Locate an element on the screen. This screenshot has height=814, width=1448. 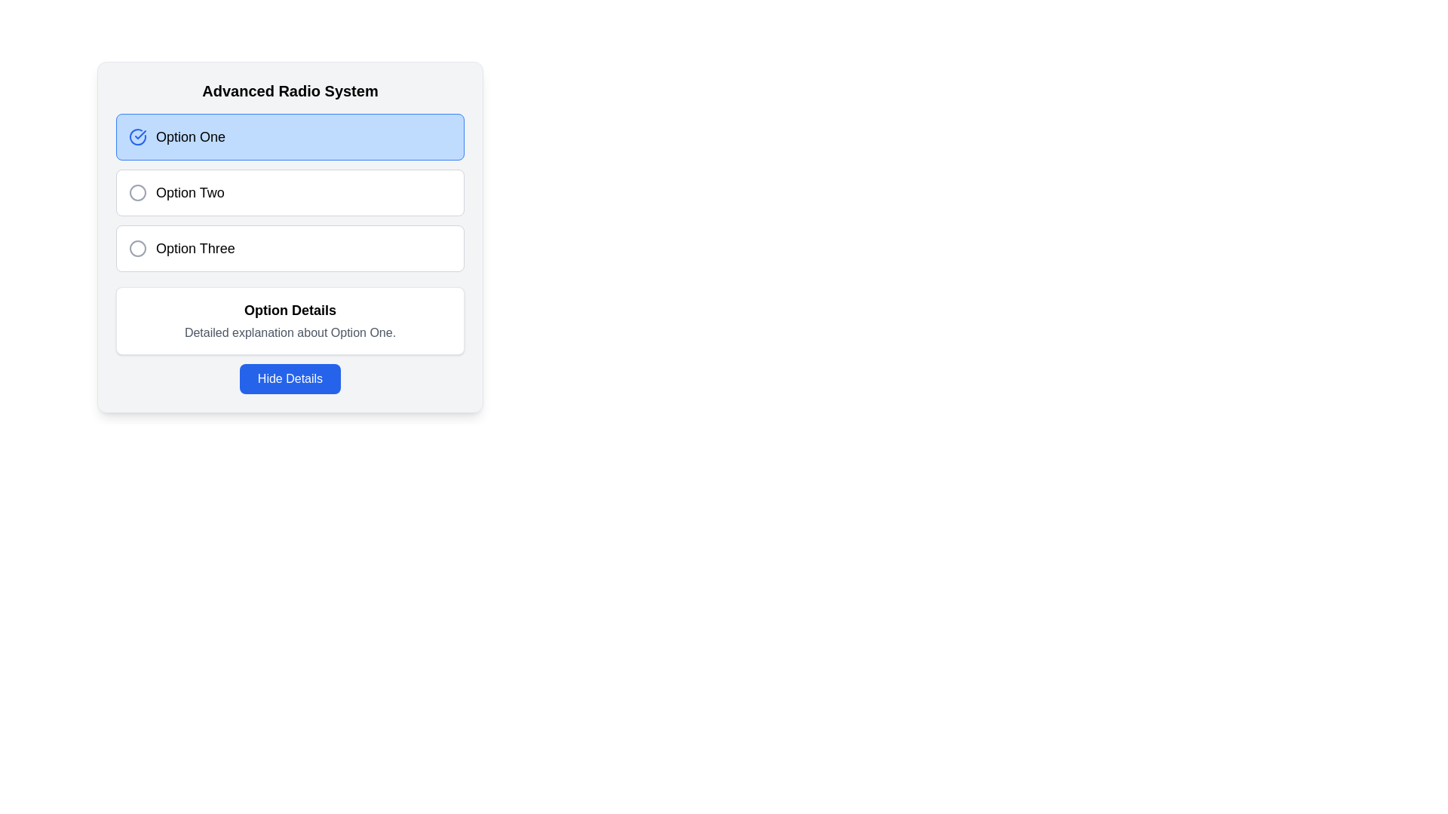
text label providing additional context for 'Option One', located directly below the heading 'Option Details' in the lower section of the card interface, for content verification is located at coordinates (290, 332).